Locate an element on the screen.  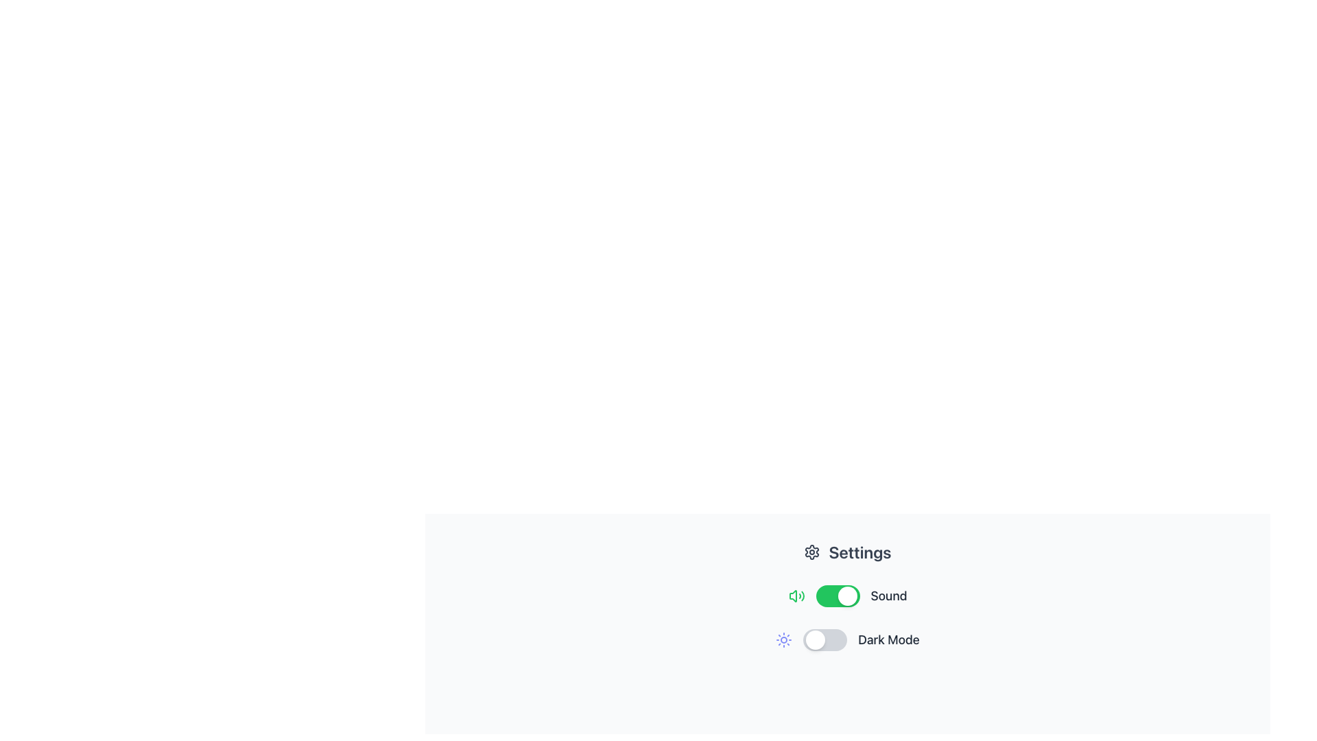
the text label that indicates the sound settings toggle switch, located to the right of the green toggle switch in the lower right area of the settings interface is located at coordinates (889, 595).